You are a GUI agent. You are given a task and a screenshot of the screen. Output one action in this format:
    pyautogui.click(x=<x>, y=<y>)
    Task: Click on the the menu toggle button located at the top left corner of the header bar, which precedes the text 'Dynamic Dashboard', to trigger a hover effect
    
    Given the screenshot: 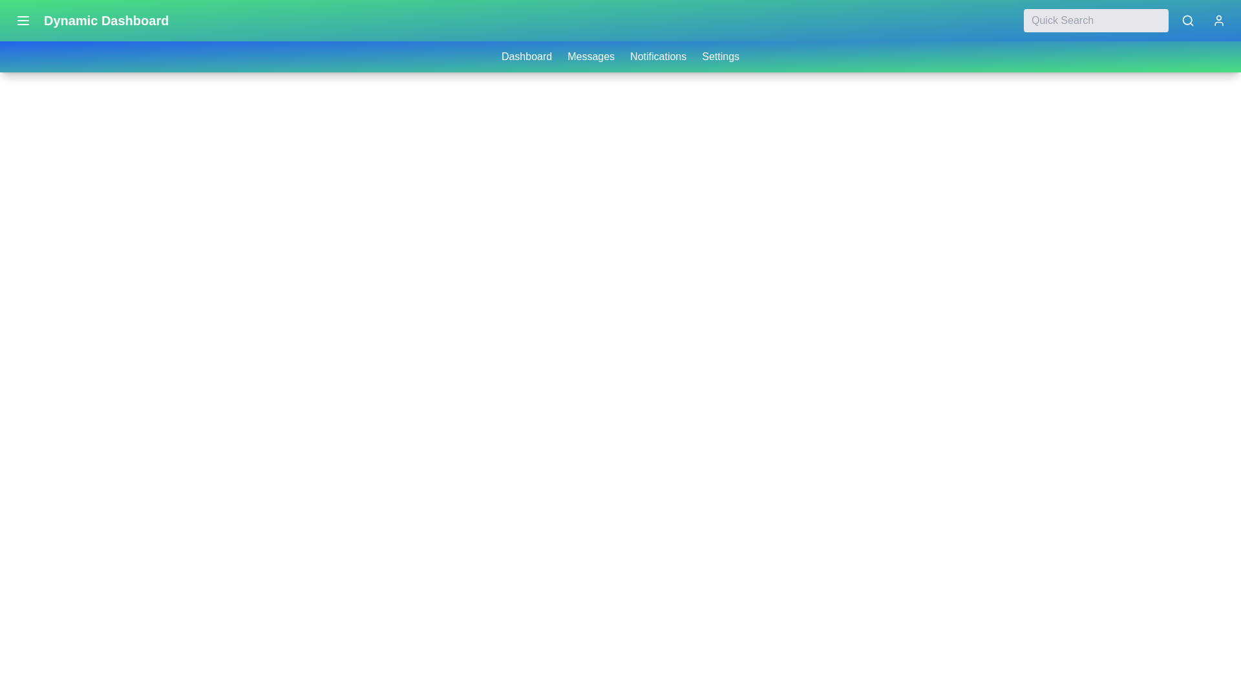 What is the action you would take?
    pyautogui.click(x=23, y=20)
    